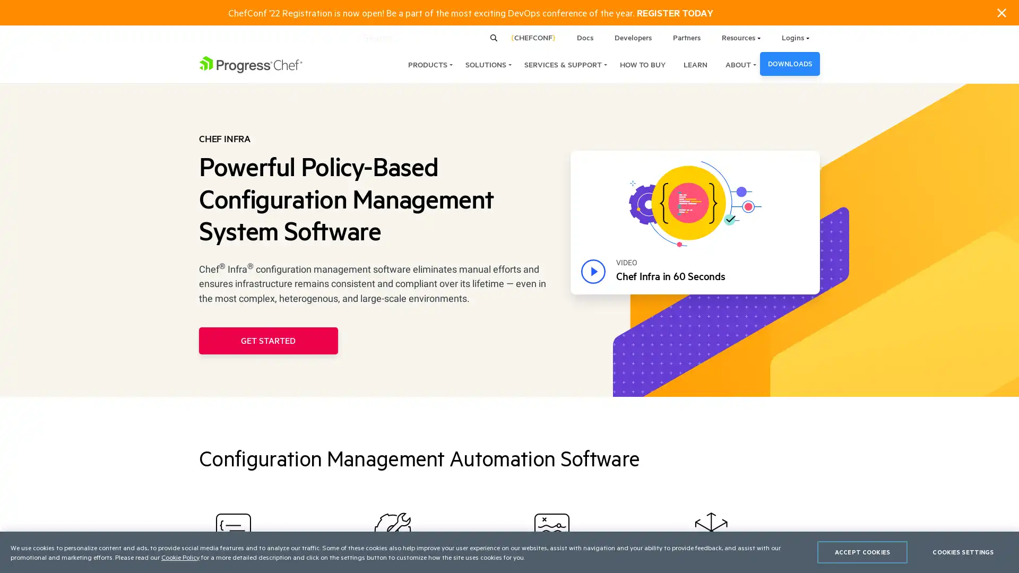 The width and height of the screenshot is (1019, 573). I want to click on Logins, so click(795, 38).